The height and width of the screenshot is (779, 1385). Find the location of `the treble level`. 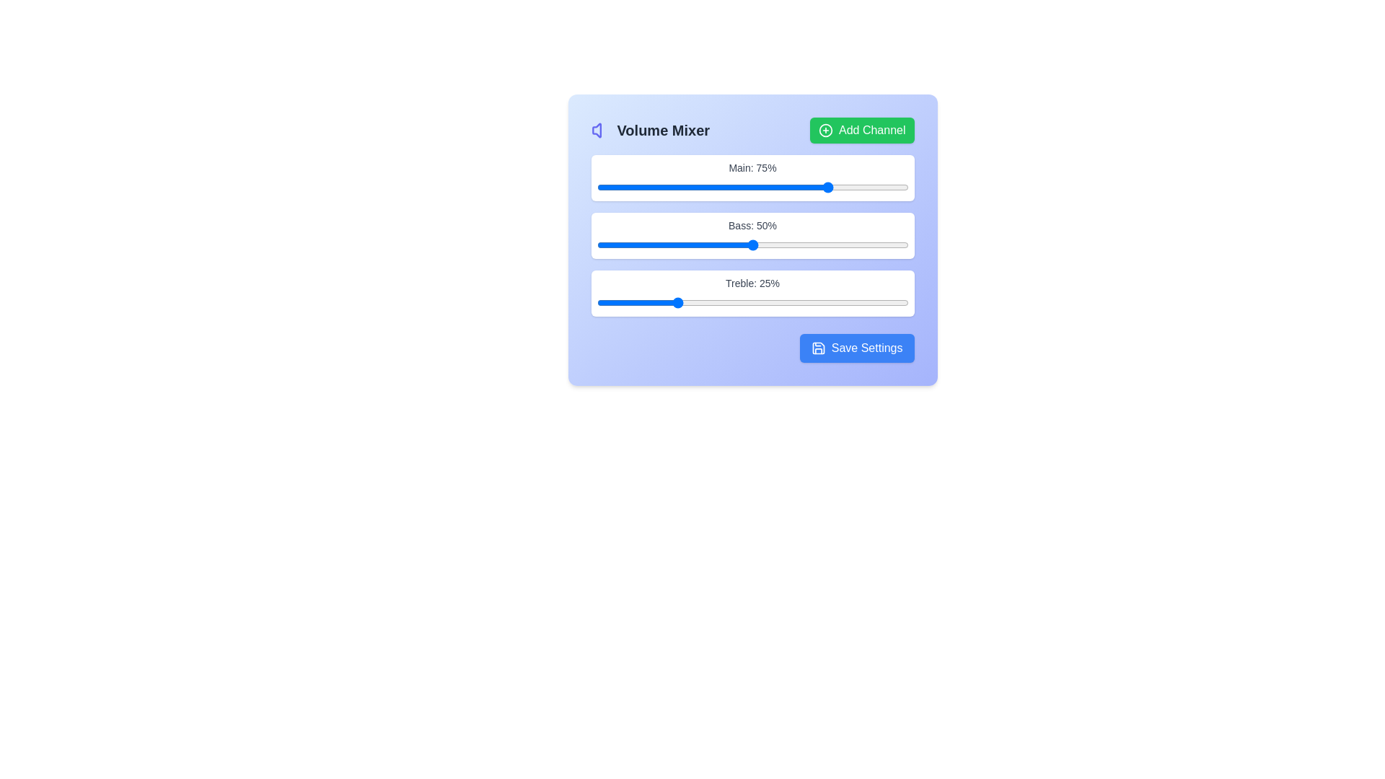

the treble level is located at coordinates (731, 302).